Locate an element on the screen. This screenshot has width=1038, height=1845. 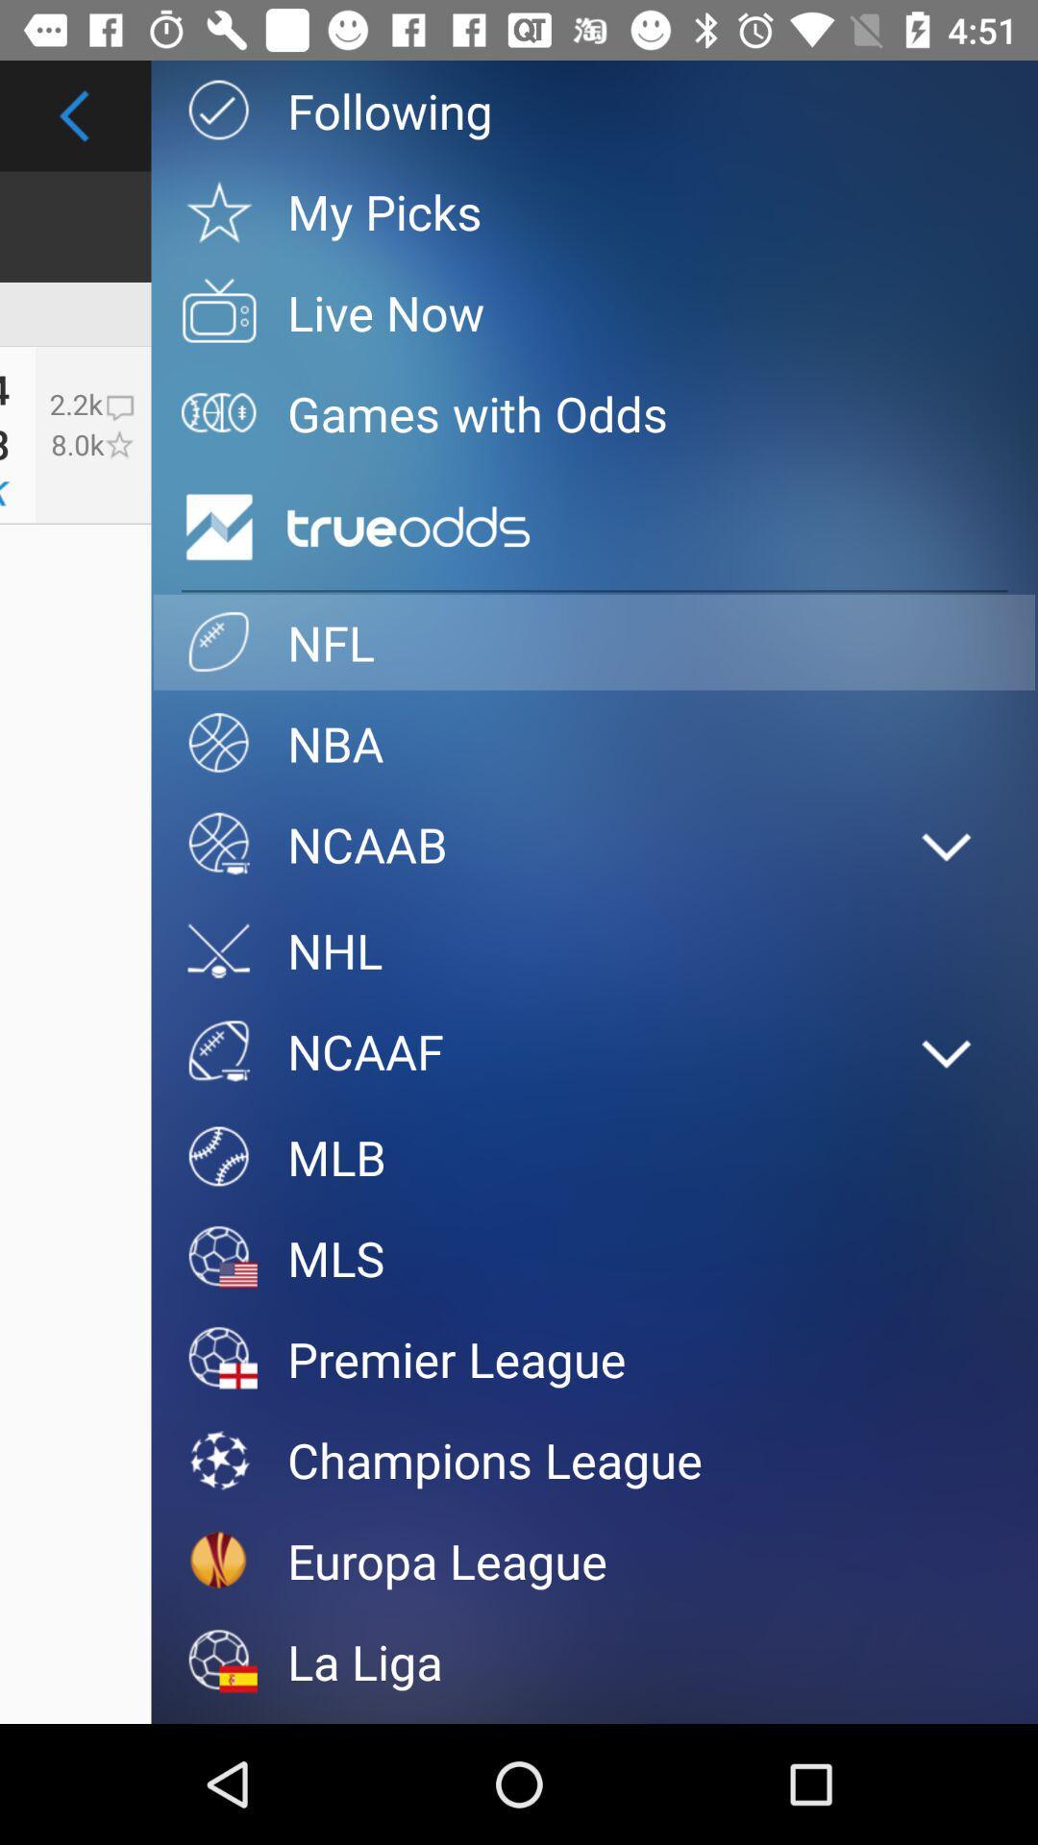
the nba is located at coordinates (593, 742).